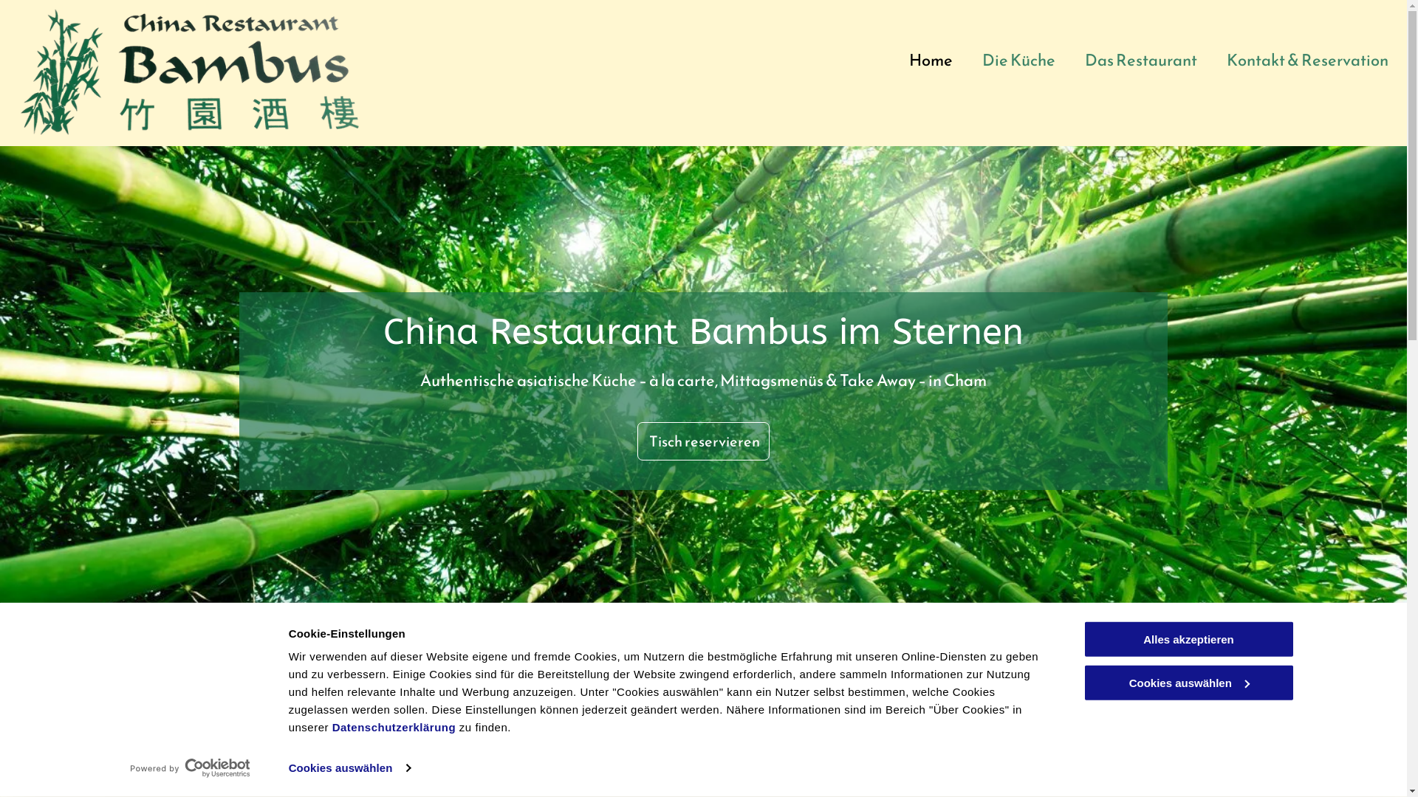  Describe the element at coordinates (1307, 59) in the screenshot. I see `'Kontakt & Reservation'` at that location.